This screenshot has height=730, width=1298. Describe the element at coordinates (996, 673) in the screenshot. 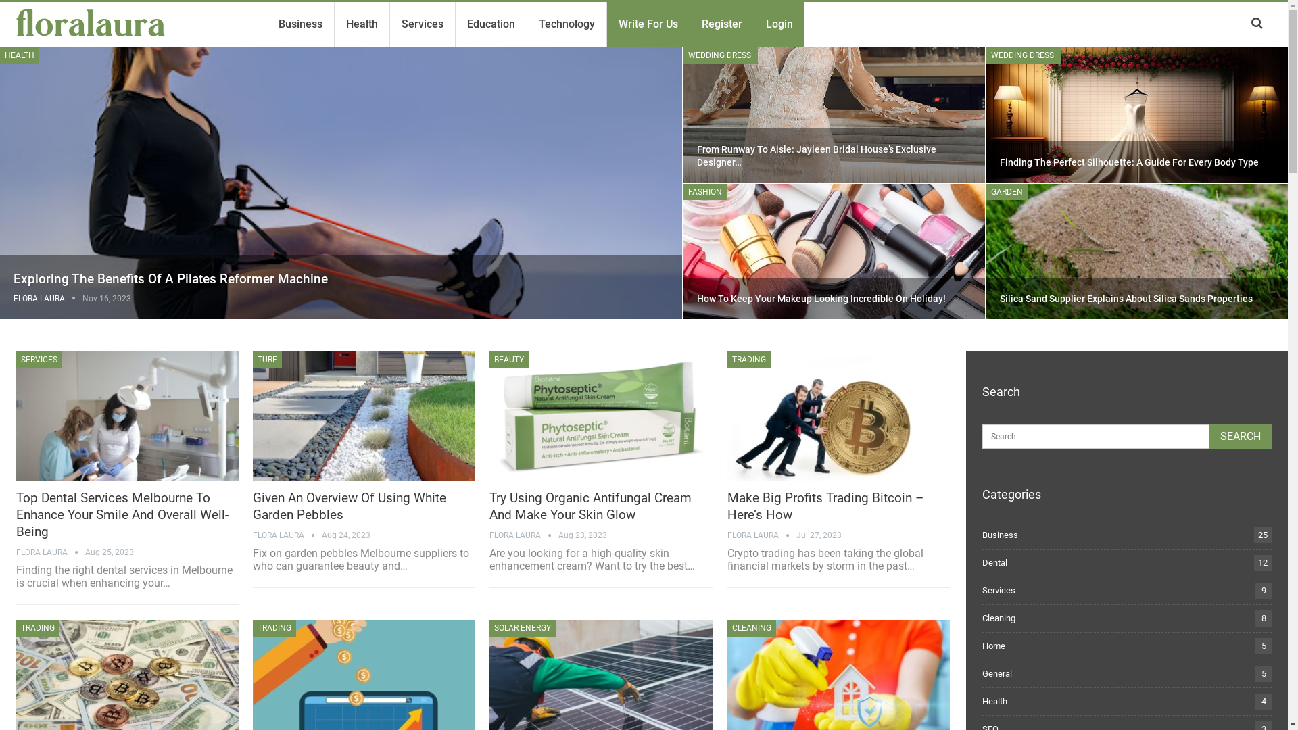

I see `'General` at that location.